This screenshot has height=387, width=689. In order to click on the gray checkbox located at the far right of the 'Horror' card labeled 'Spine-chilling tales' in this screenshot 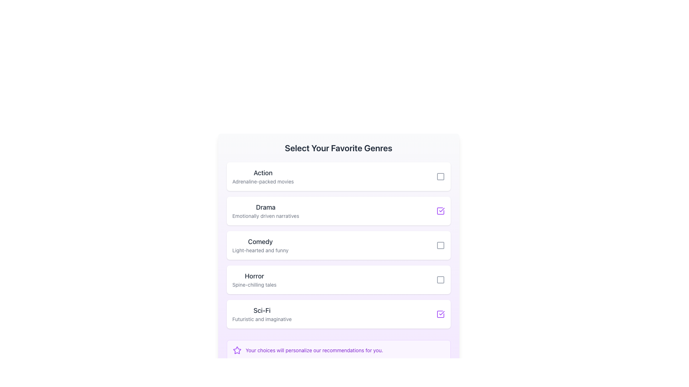, I will do `click(440, 279)`.